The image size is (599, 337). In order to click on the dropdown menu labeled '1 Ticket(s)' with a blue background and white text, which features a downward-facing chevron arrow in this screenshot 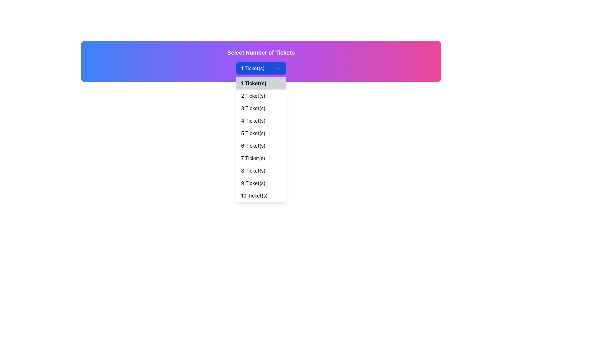, I will do `click(261, 68)`.